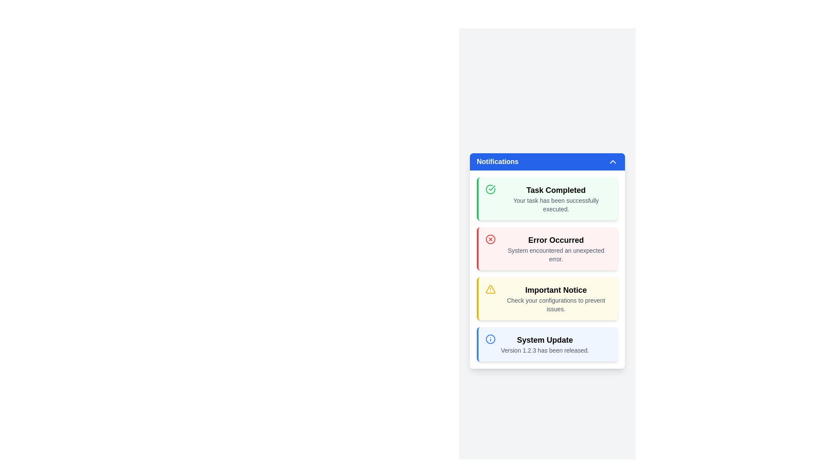  I want to click on information in the Notification Box titled 'System Update' which has a light blue background and contains an information icon, indicating a system update notification, so click(547, 344).